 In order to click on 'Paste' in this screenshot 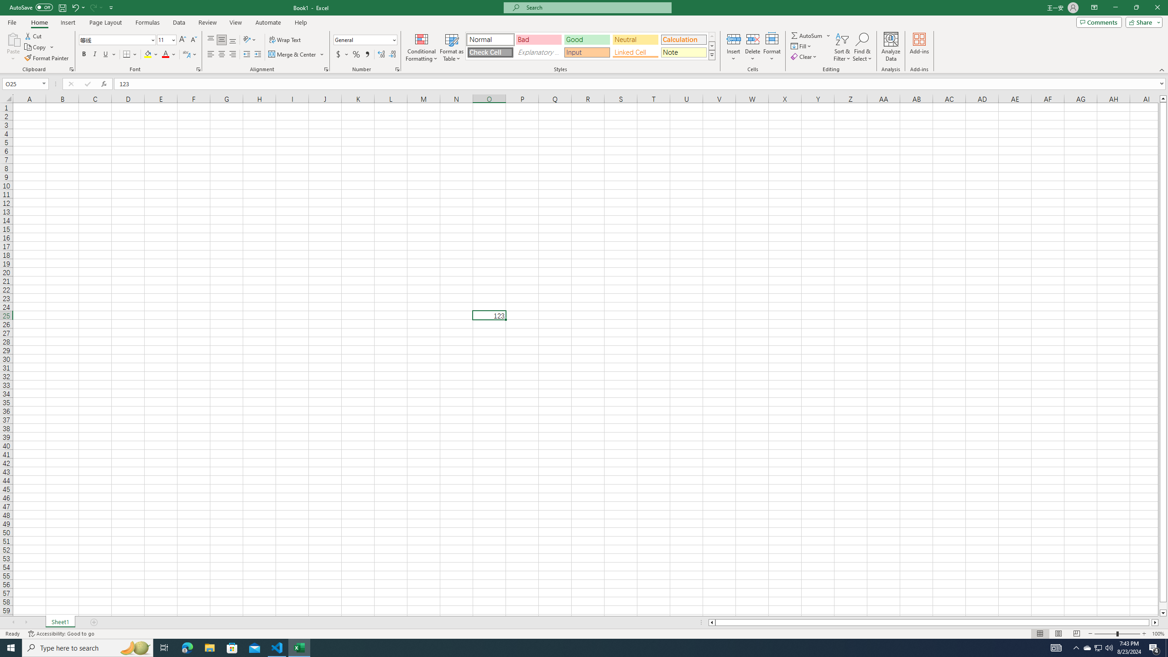, I will do `click(13, 47)`.